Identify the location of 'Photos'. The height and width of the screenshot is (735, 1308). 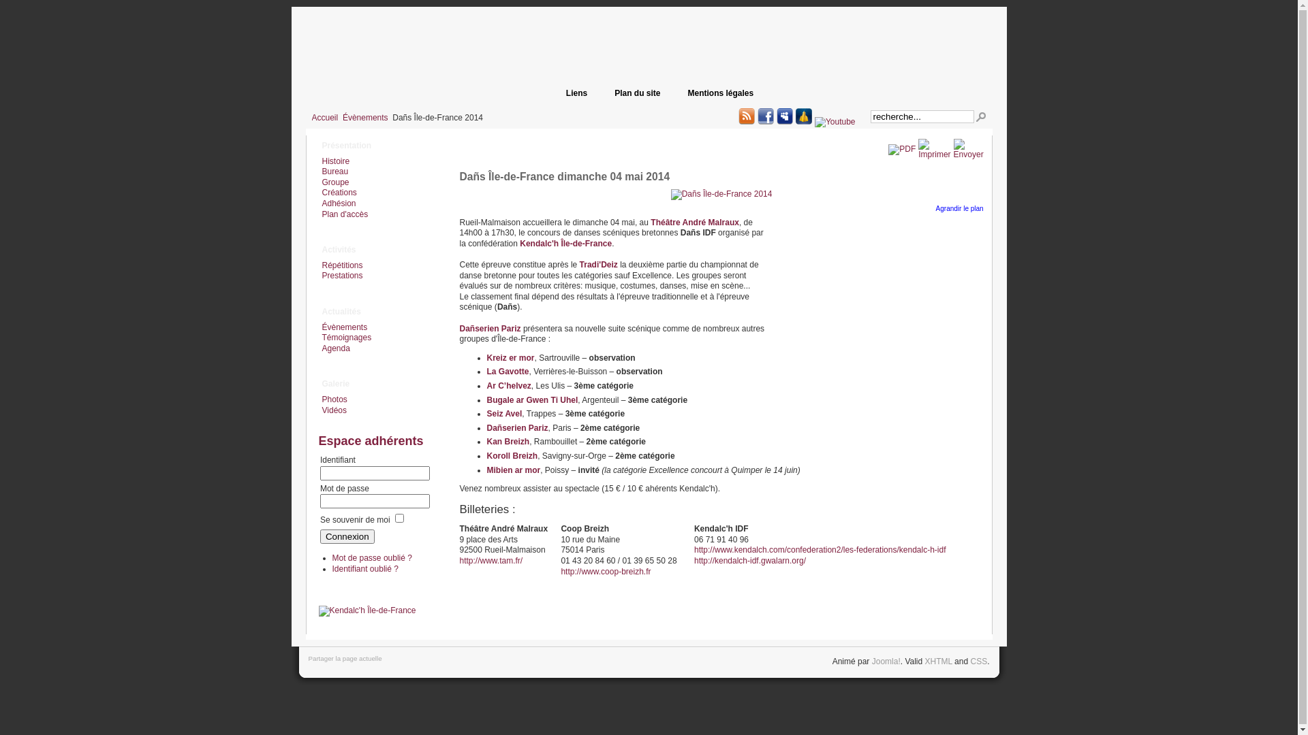
(333, 398).